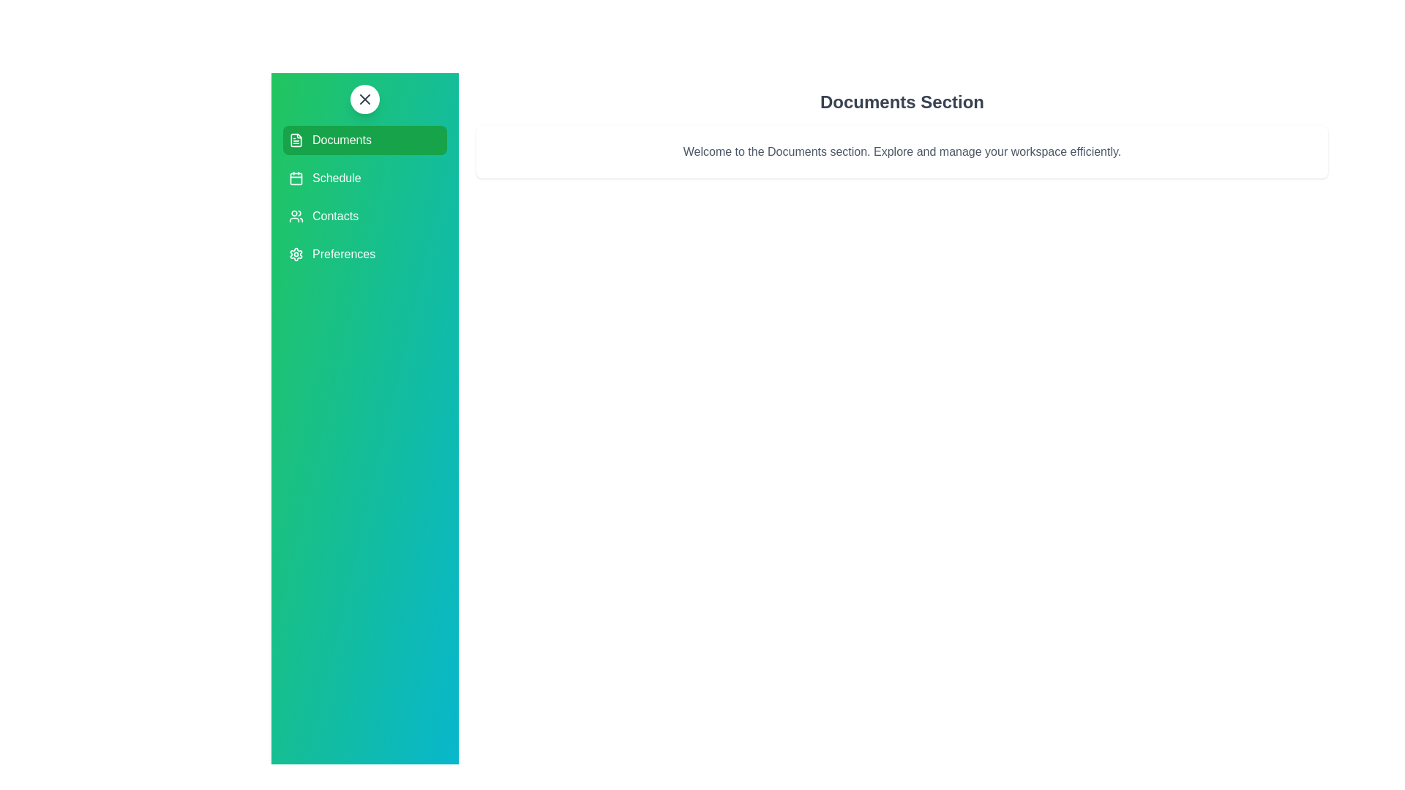  I want to click on the Documents section to select it, so click(365, 140).